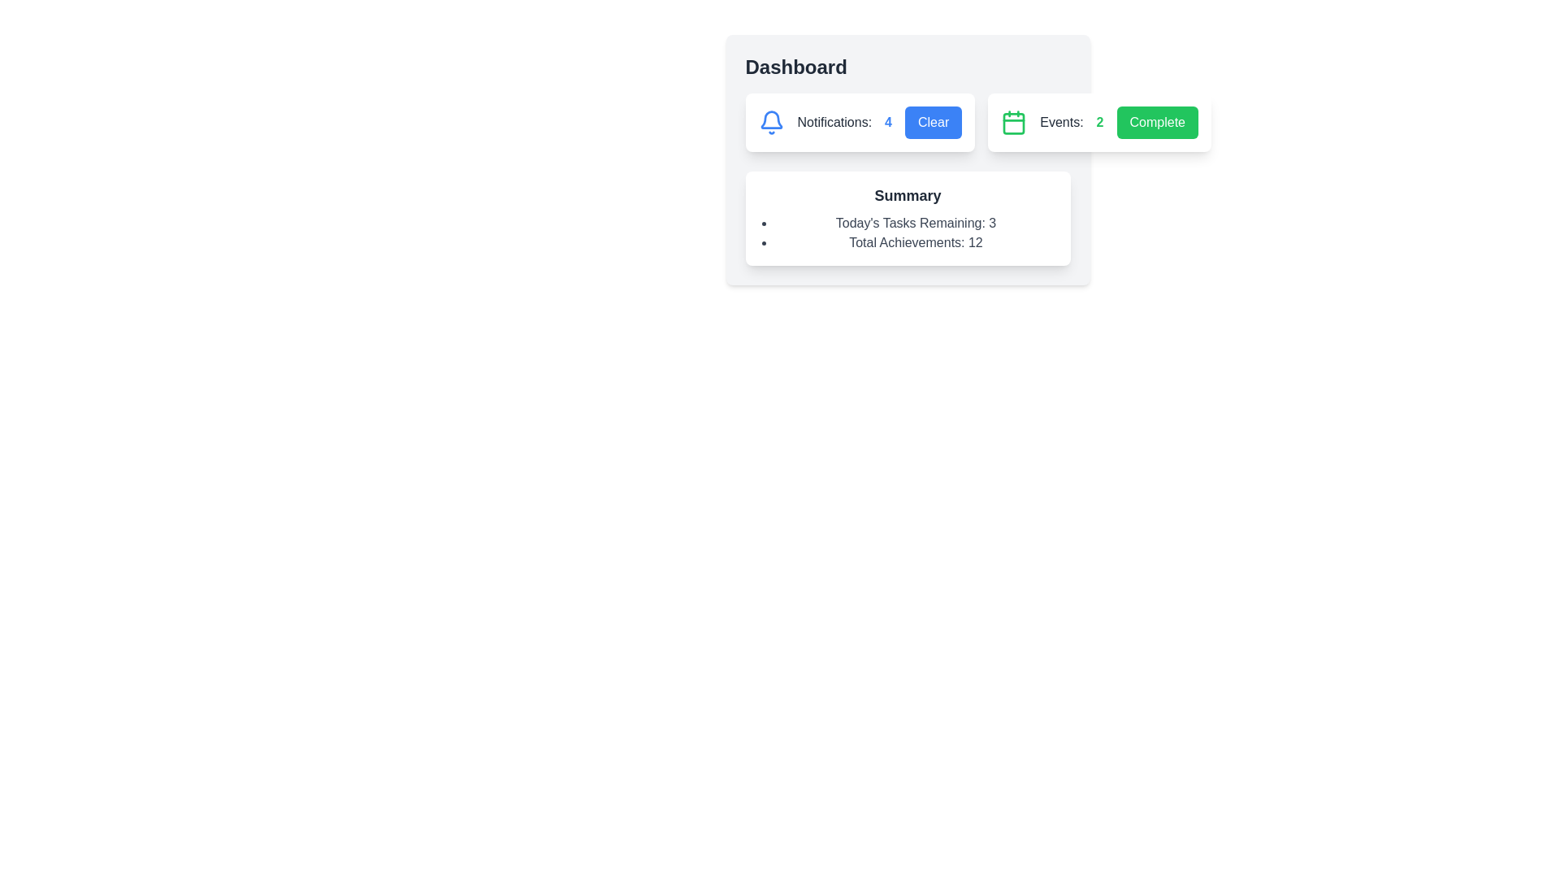 The width and height of the screenshot is (1560, 878). What do you see at coordinates (1099, 121) in the screenshot?
I see `the bold green text label displaying the number '2', located between the label 'Events:' and the 'Complete' button in the upper-right section of the interface` at bounding box center [1099, 121].